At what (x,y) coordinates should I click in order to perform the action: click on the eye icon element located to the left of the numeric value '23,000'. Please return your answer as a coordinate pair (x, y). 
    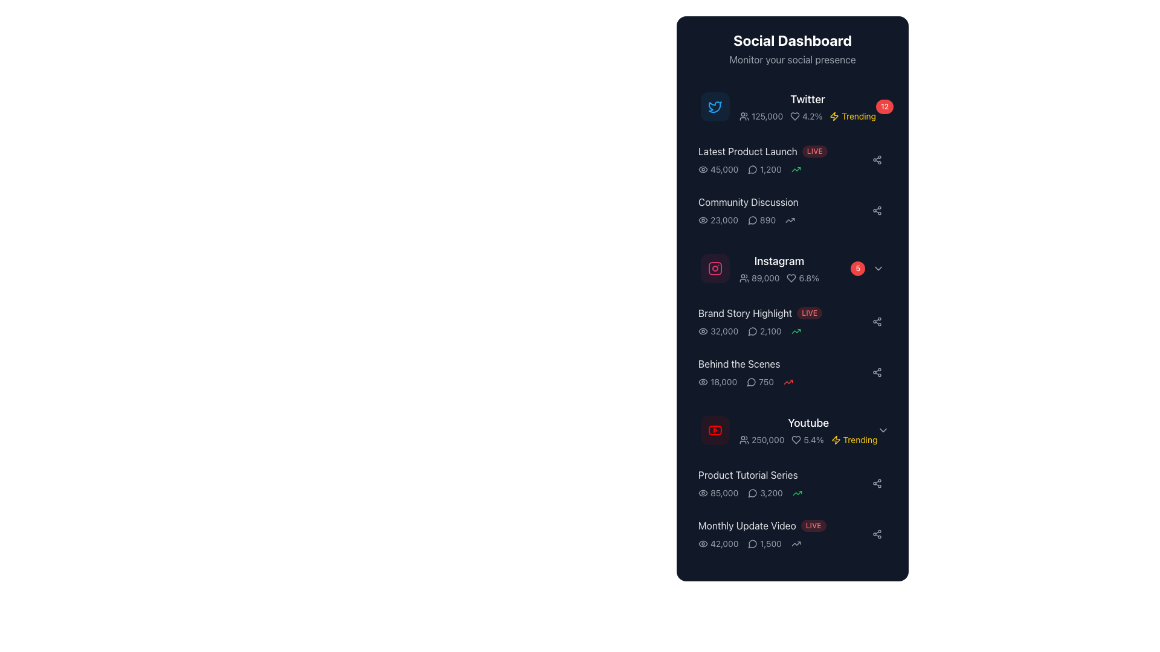
    Looking at the image, I should click on (703, 220).